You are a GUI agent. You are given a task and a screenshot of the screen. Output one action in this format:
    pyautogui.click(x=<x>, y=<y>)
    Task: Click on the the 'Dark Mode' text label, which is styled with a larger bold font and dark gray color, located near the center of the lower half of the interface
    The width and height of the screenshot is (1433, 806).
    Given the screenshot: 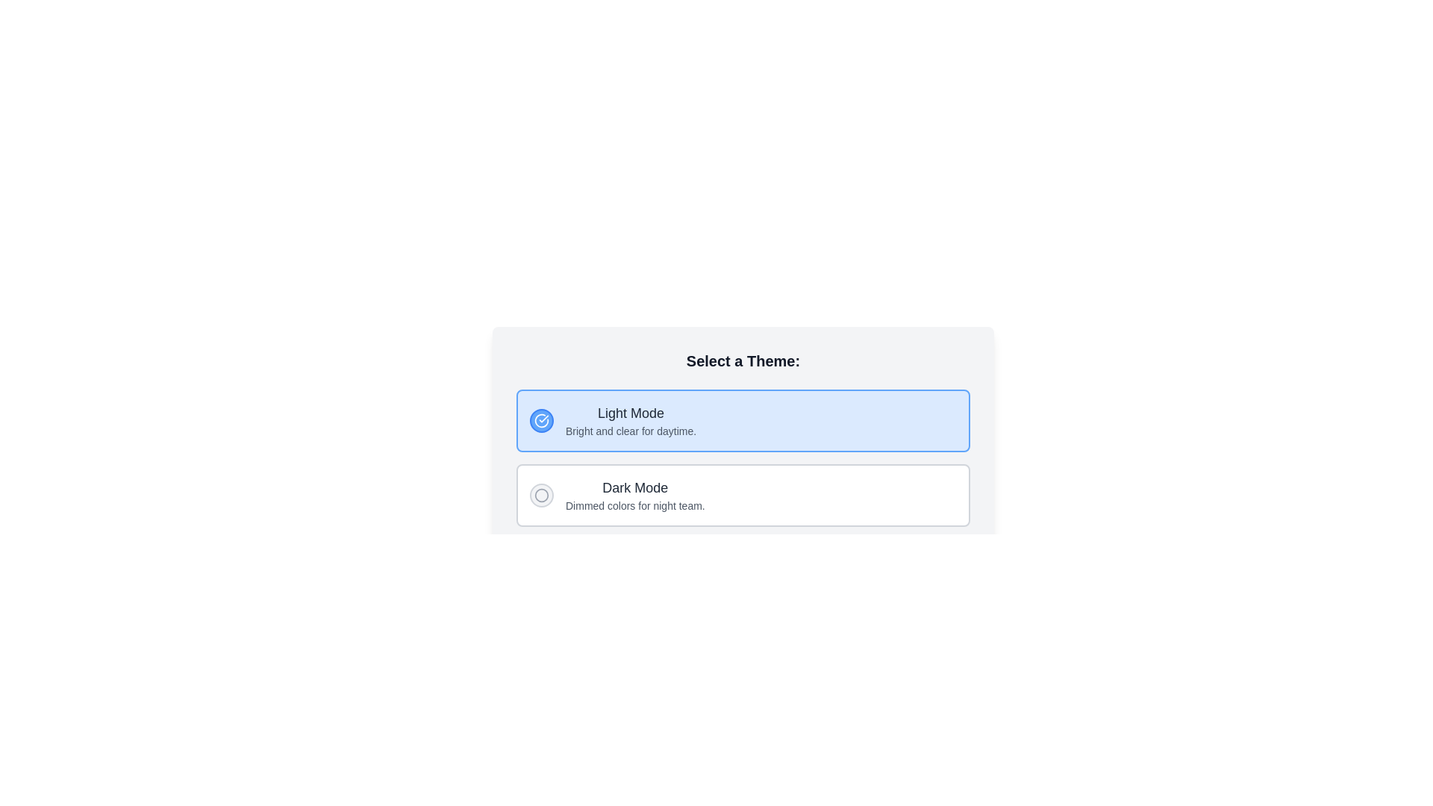 What is the action you would take?
    pyautogui.click(x=635, y=488)
    